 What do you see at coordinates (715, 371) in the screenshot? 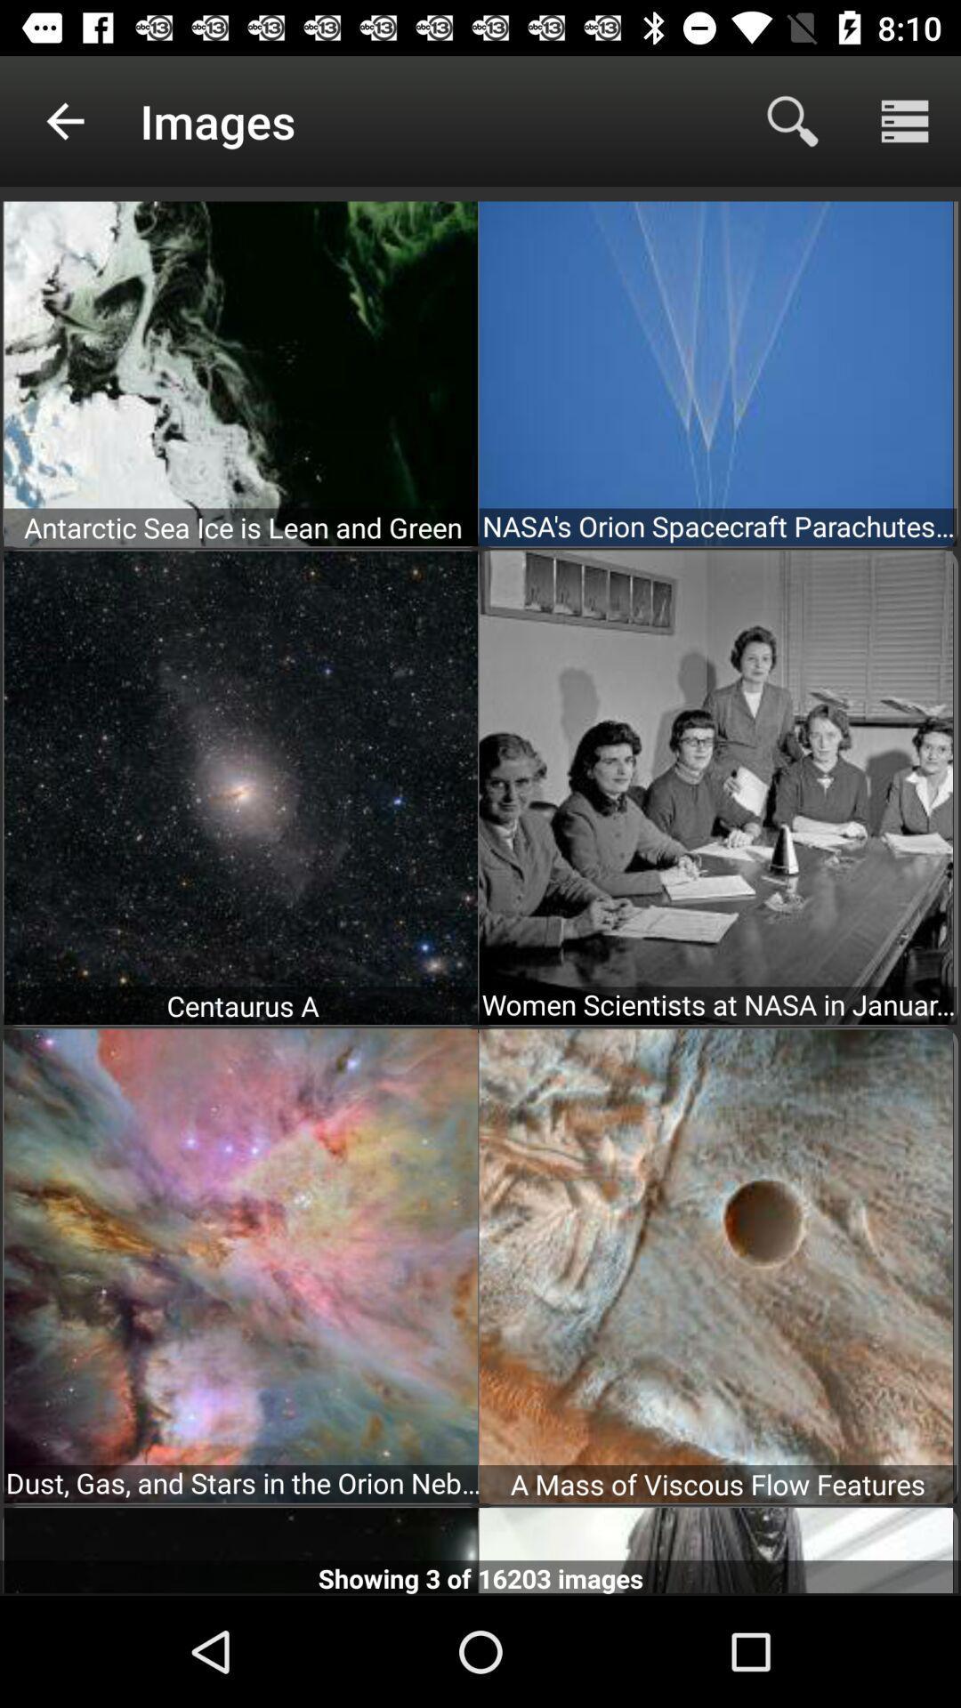
I see `the second box which is mention on nasas orion spacecraft parachutes` at bounding box center [715, 371].